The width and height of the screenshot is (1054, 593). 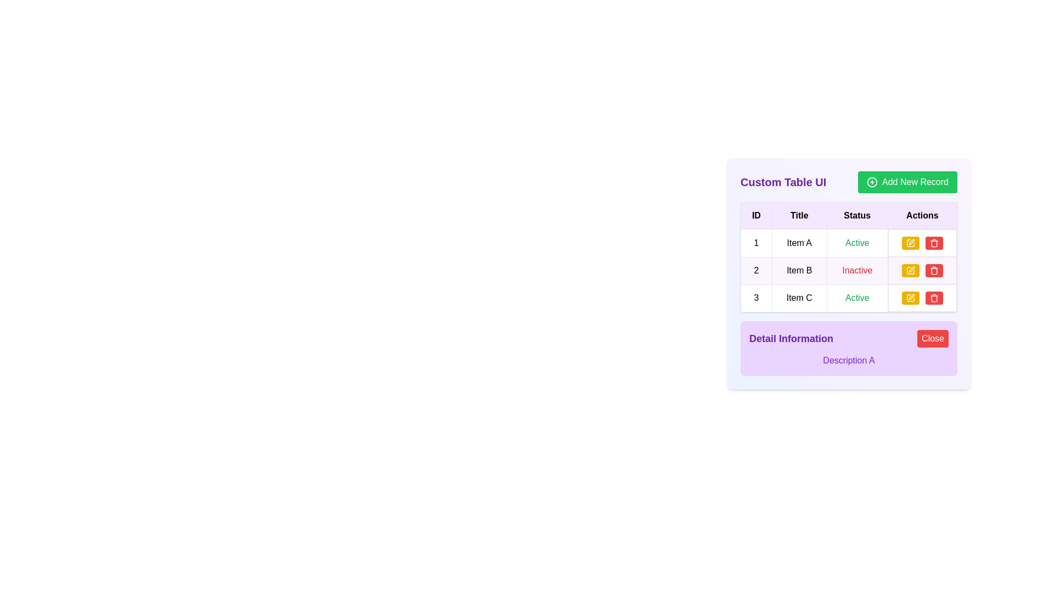 I want to click on text label styled in green displaying 'Active' located in the 'Status' column of the table, aligned with 'Item A', so click(x=856, y=242).